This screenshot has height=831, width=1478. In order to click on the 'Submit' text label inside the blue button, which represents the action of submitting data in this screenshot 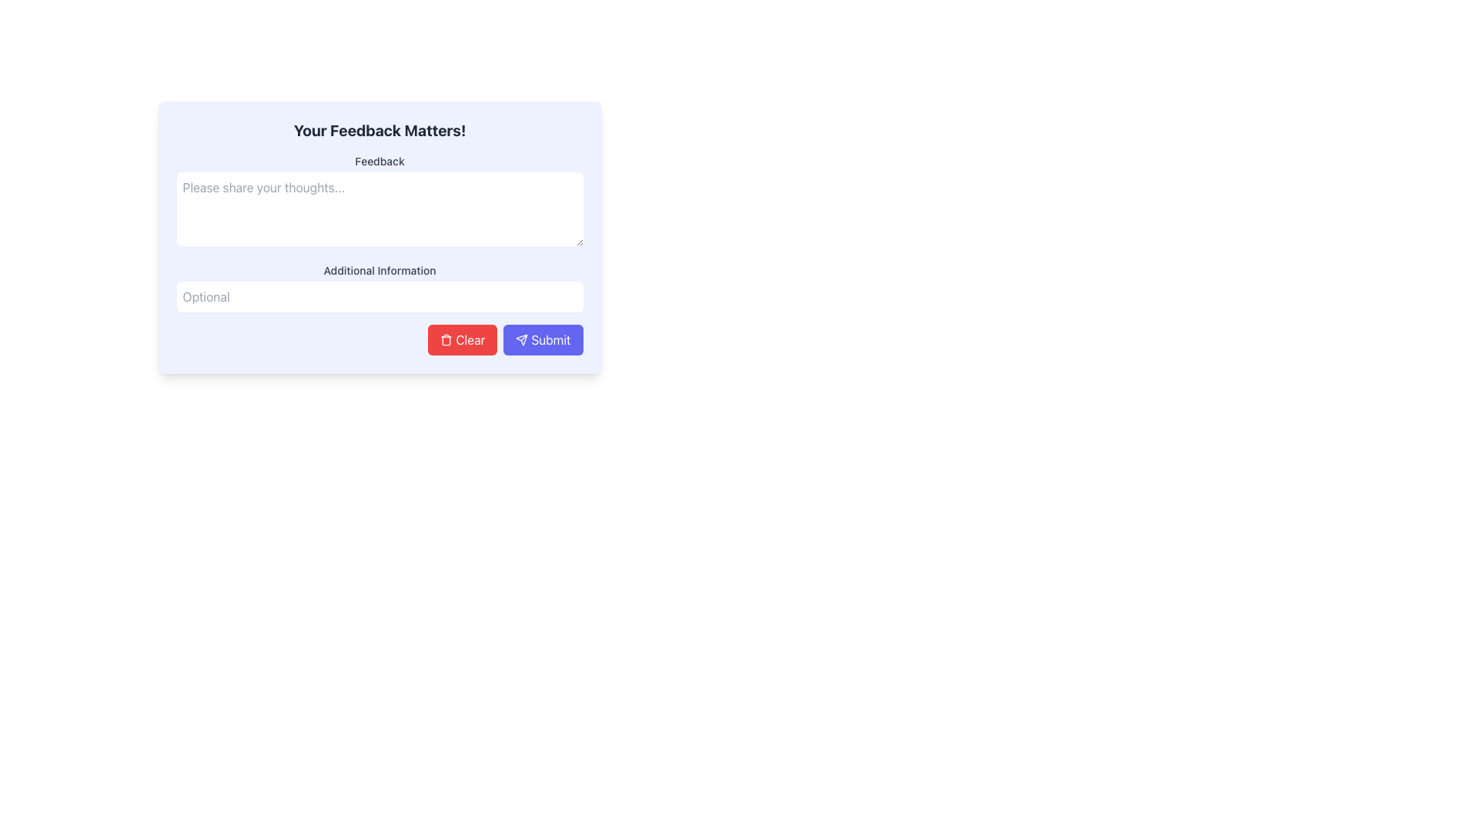, I will do `click(550, 339)`.